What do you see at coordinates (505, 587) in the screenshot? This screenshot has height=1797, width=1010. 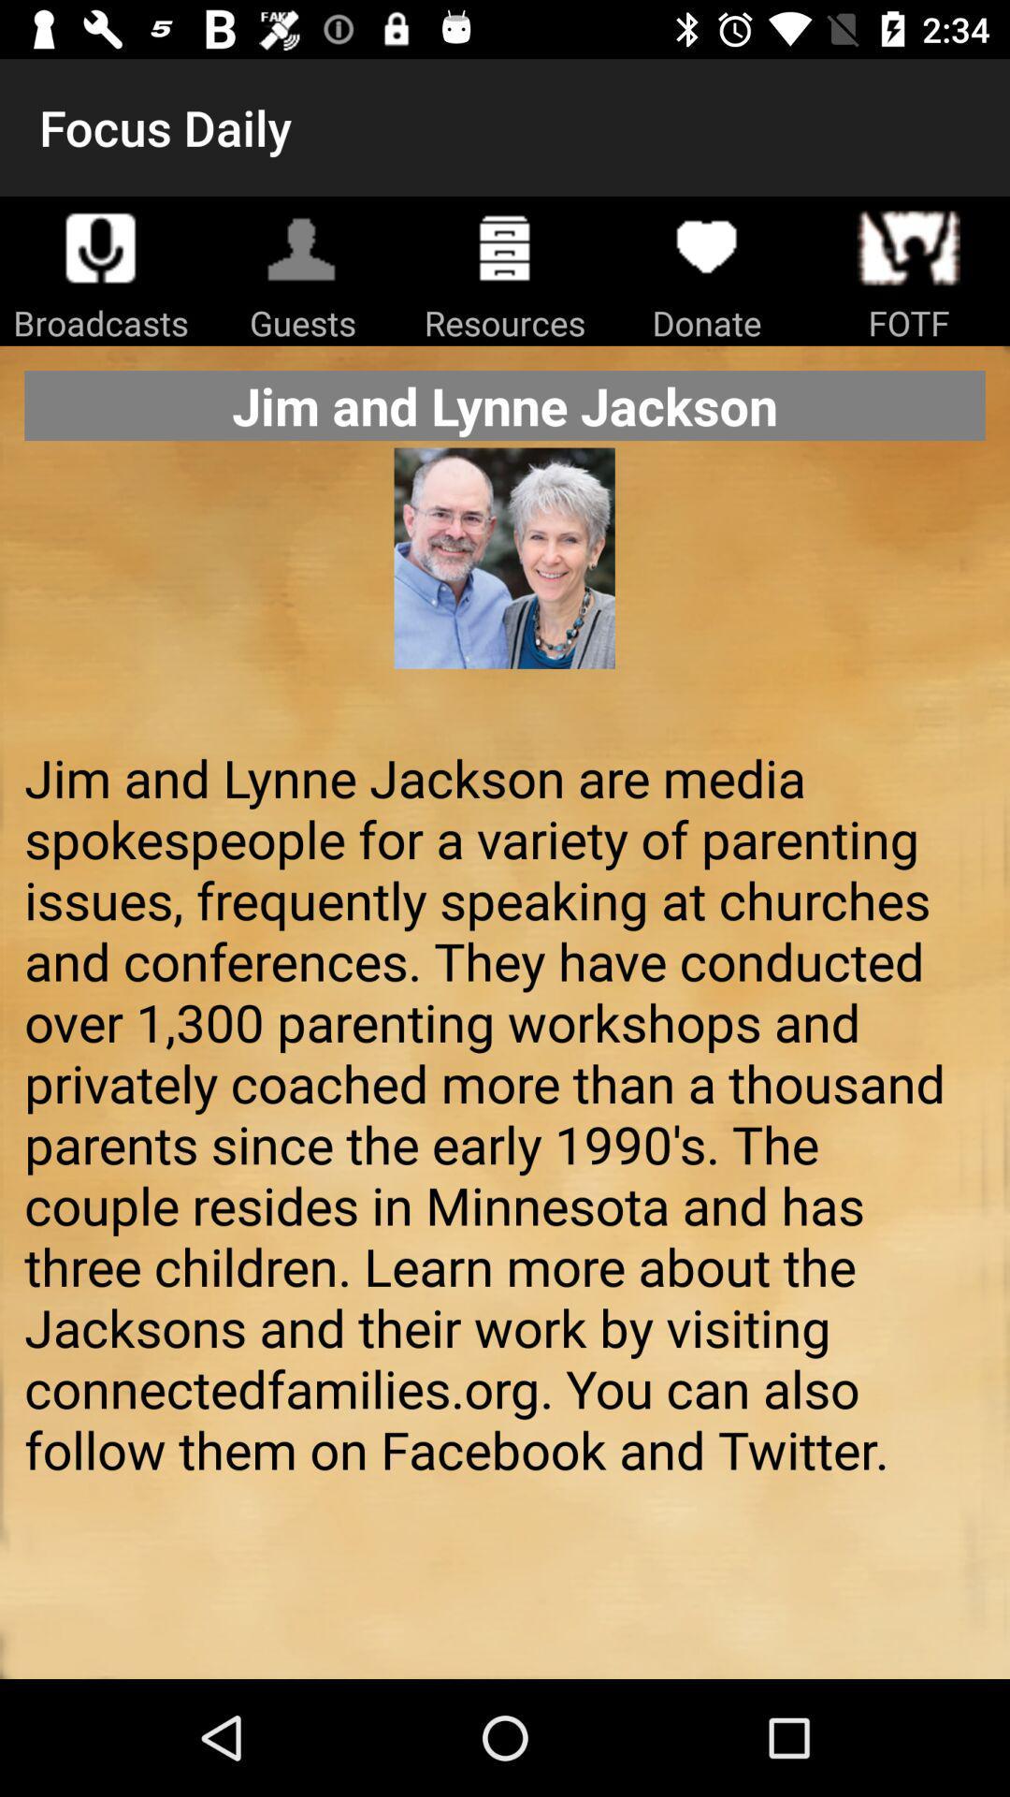 I see `the image below the text jim and lynne jackson` at bounding box center [505, 587].